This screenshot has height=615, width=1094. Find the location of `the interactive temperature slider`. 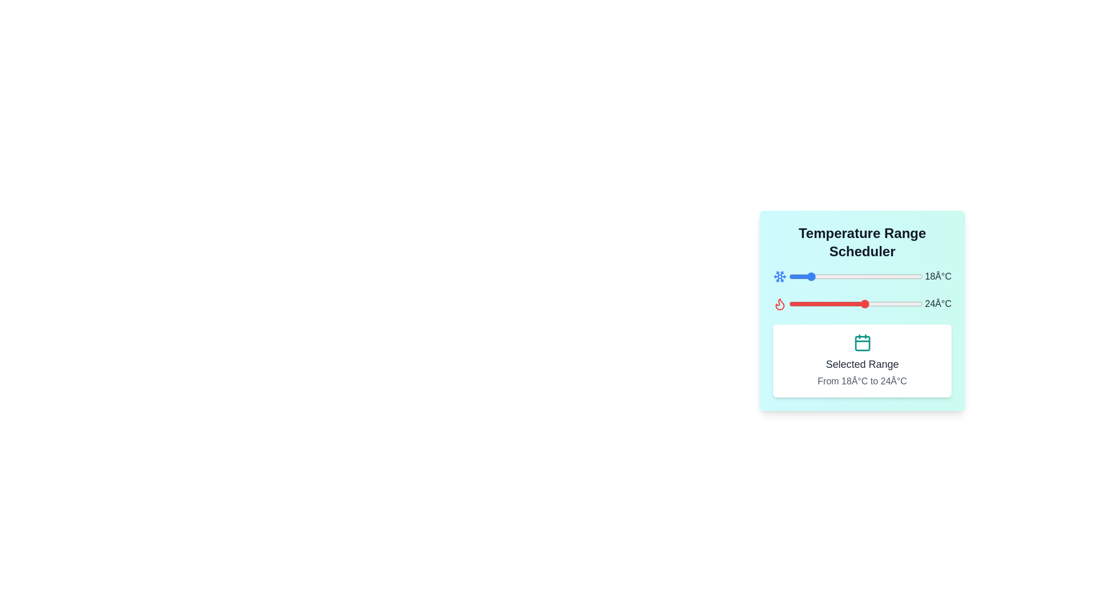

the interactive temperature slider is located at coordinates (862, 277).